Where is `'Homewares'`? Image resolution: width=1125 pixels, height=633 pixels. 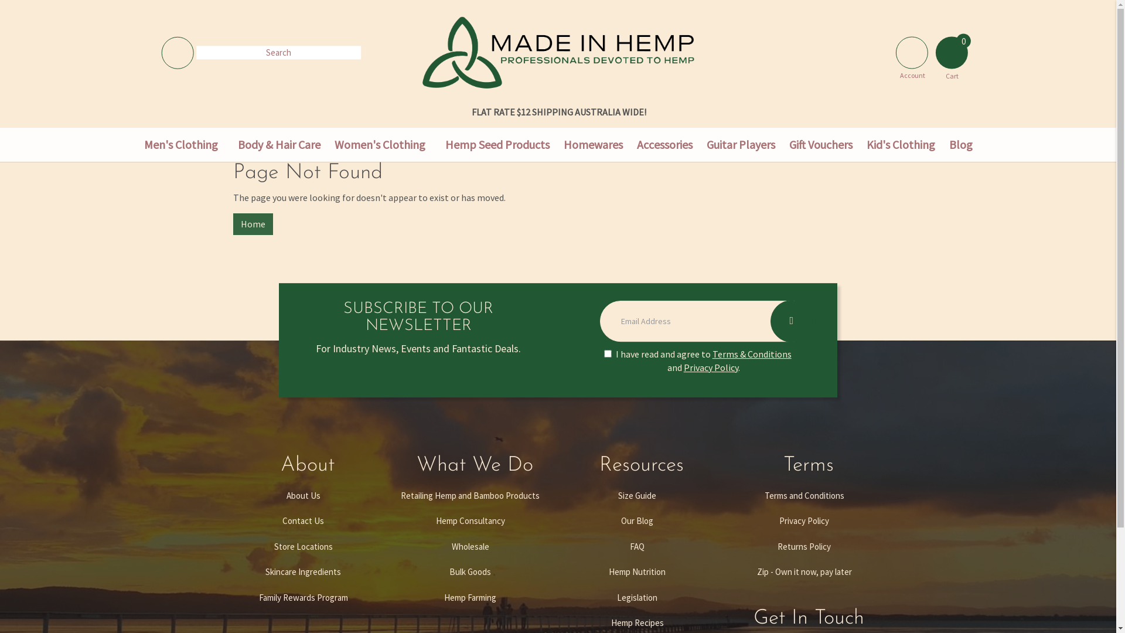
'Homewares' is located at coordinates (593, 144).